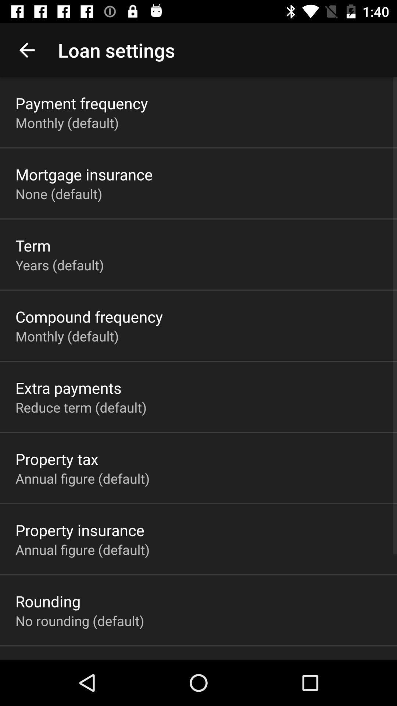 This screenshot has height=706, width=397. I want to click on property insurance app, so click(80, 530).